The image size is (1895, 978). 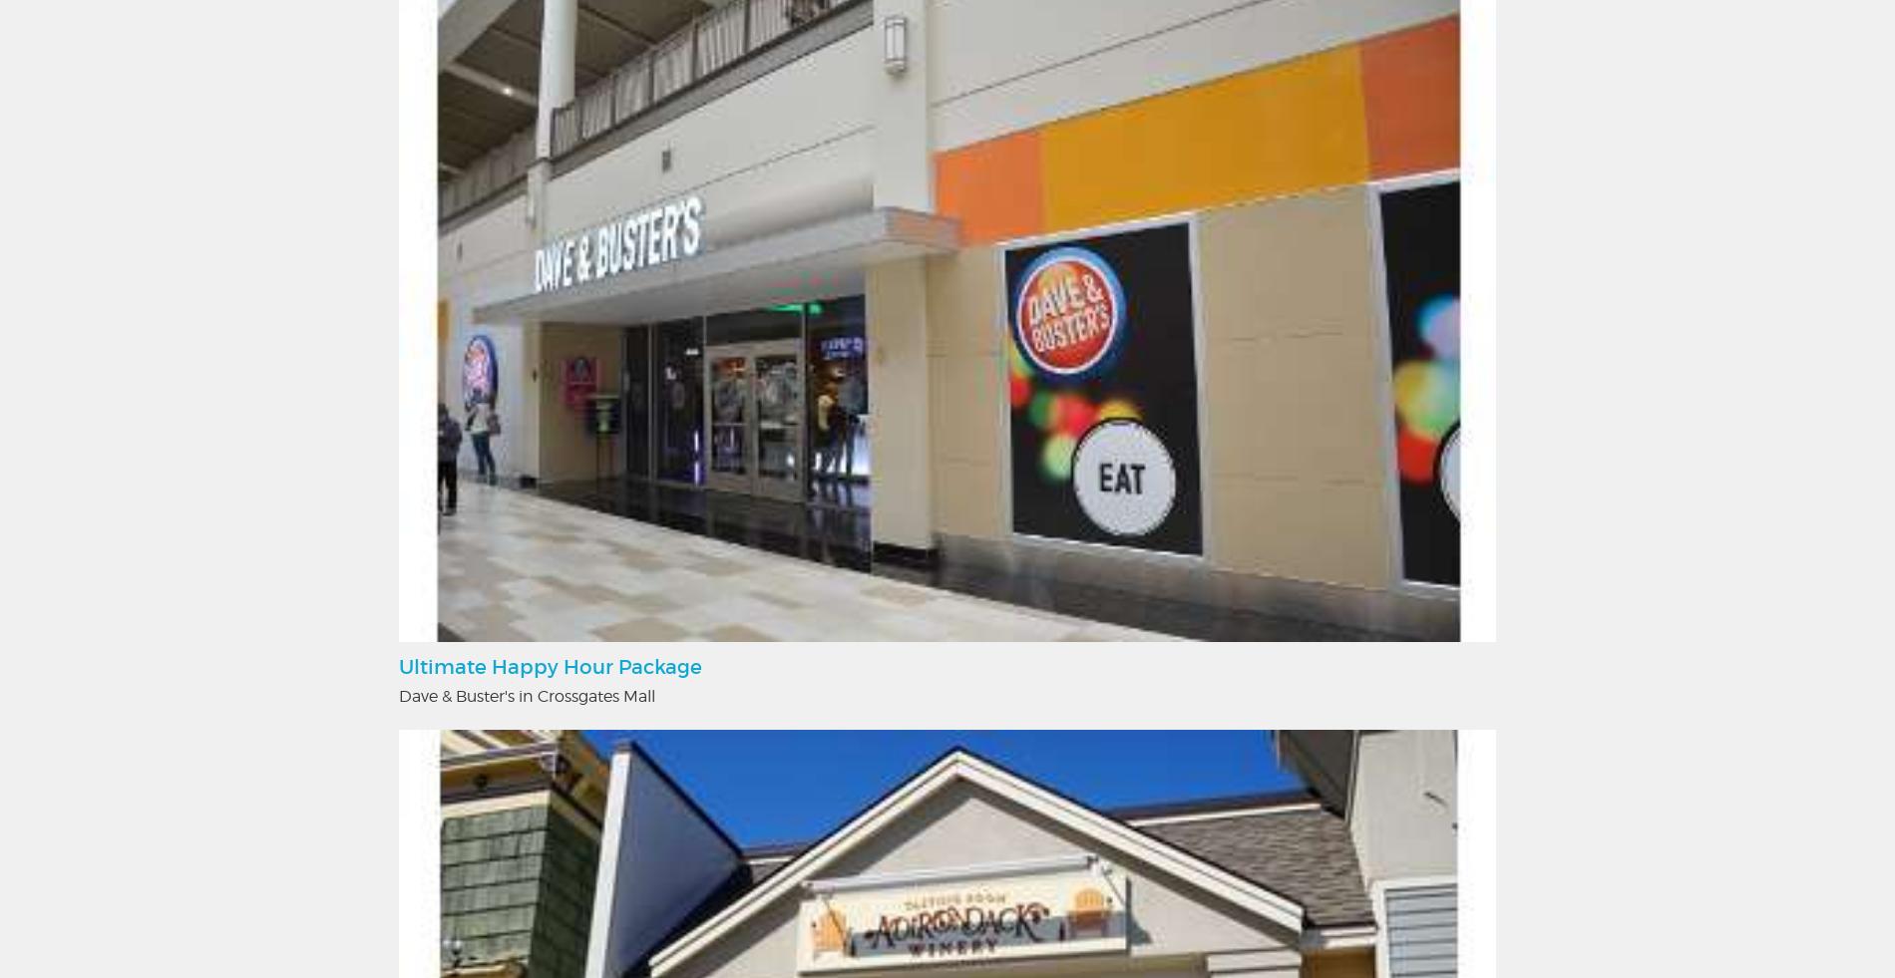 What do you see at coordinates (946, 339) in the screenshot?
I see `'We strive to insure accuracy on Albany.com however accuracy cannot be guaranteed. Information is subject to change.'` at bounding box center [946, 339].